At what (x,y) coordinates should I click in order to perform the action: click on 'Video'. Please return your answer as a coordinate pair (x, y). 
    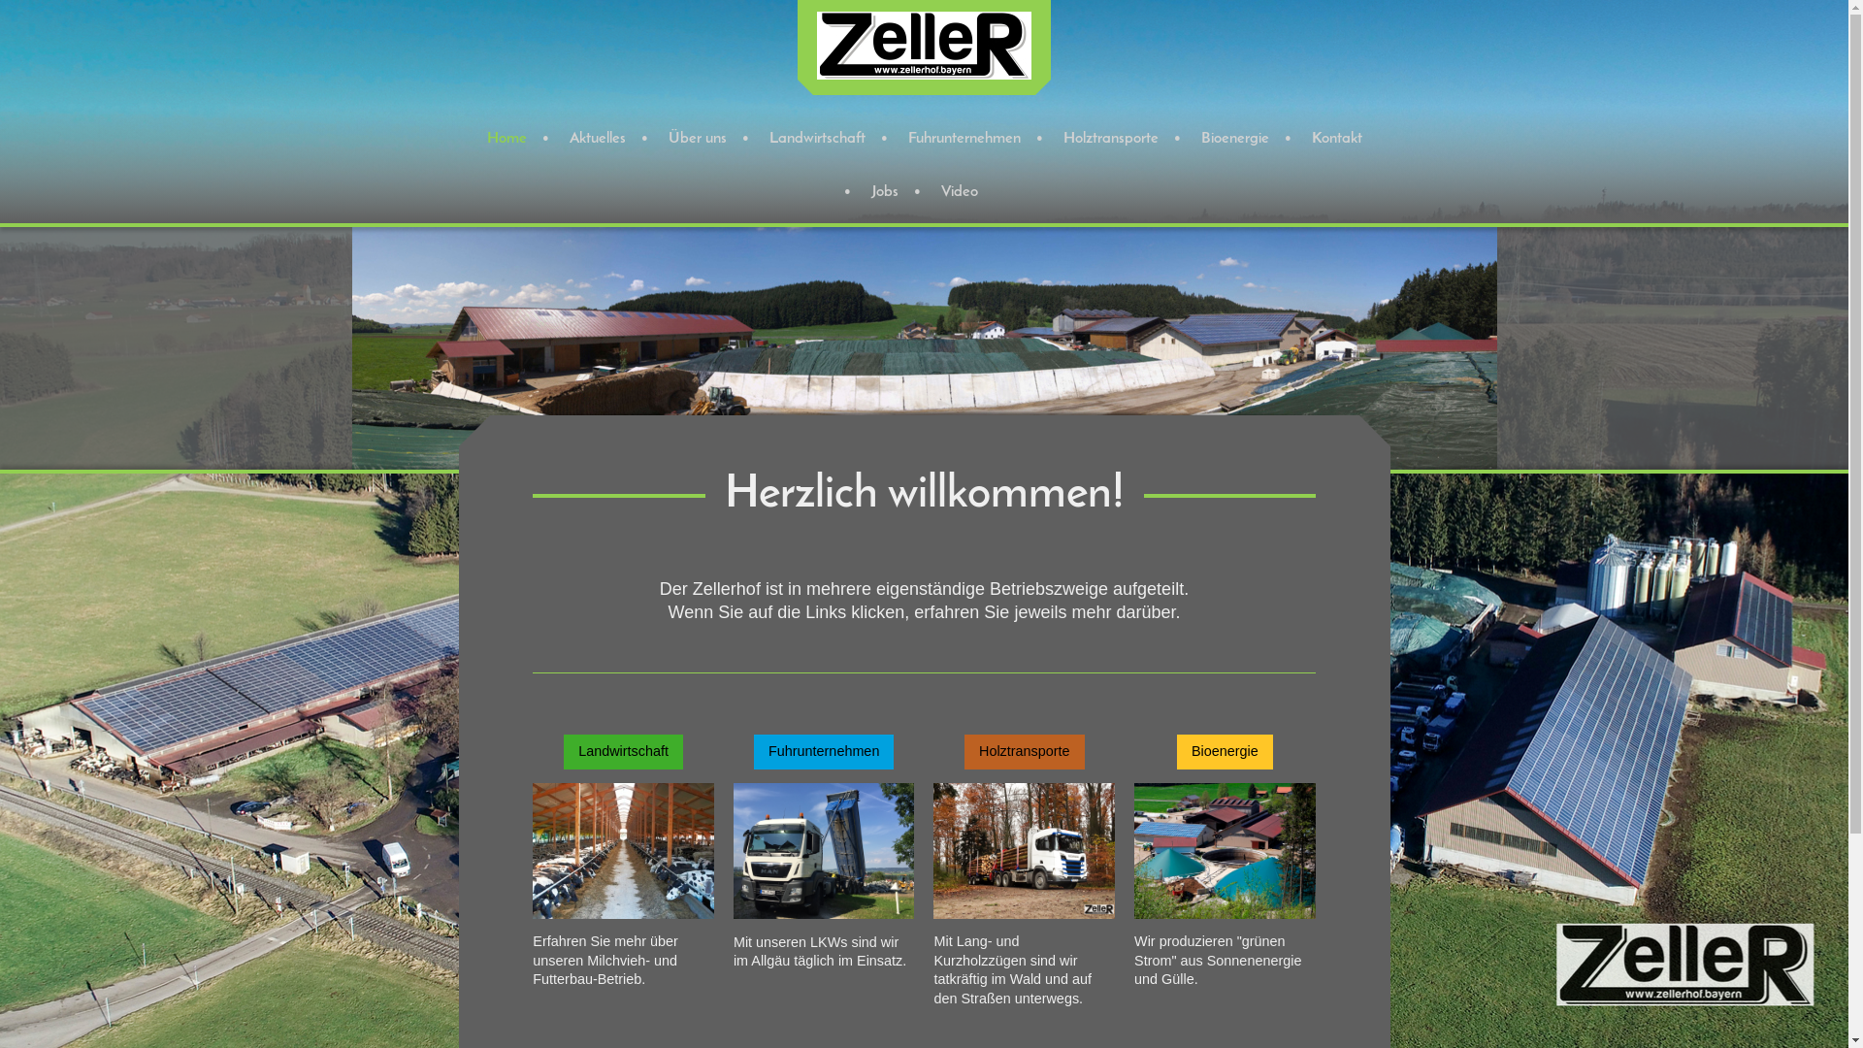
    Looking at the image, I should click on (959, 192).